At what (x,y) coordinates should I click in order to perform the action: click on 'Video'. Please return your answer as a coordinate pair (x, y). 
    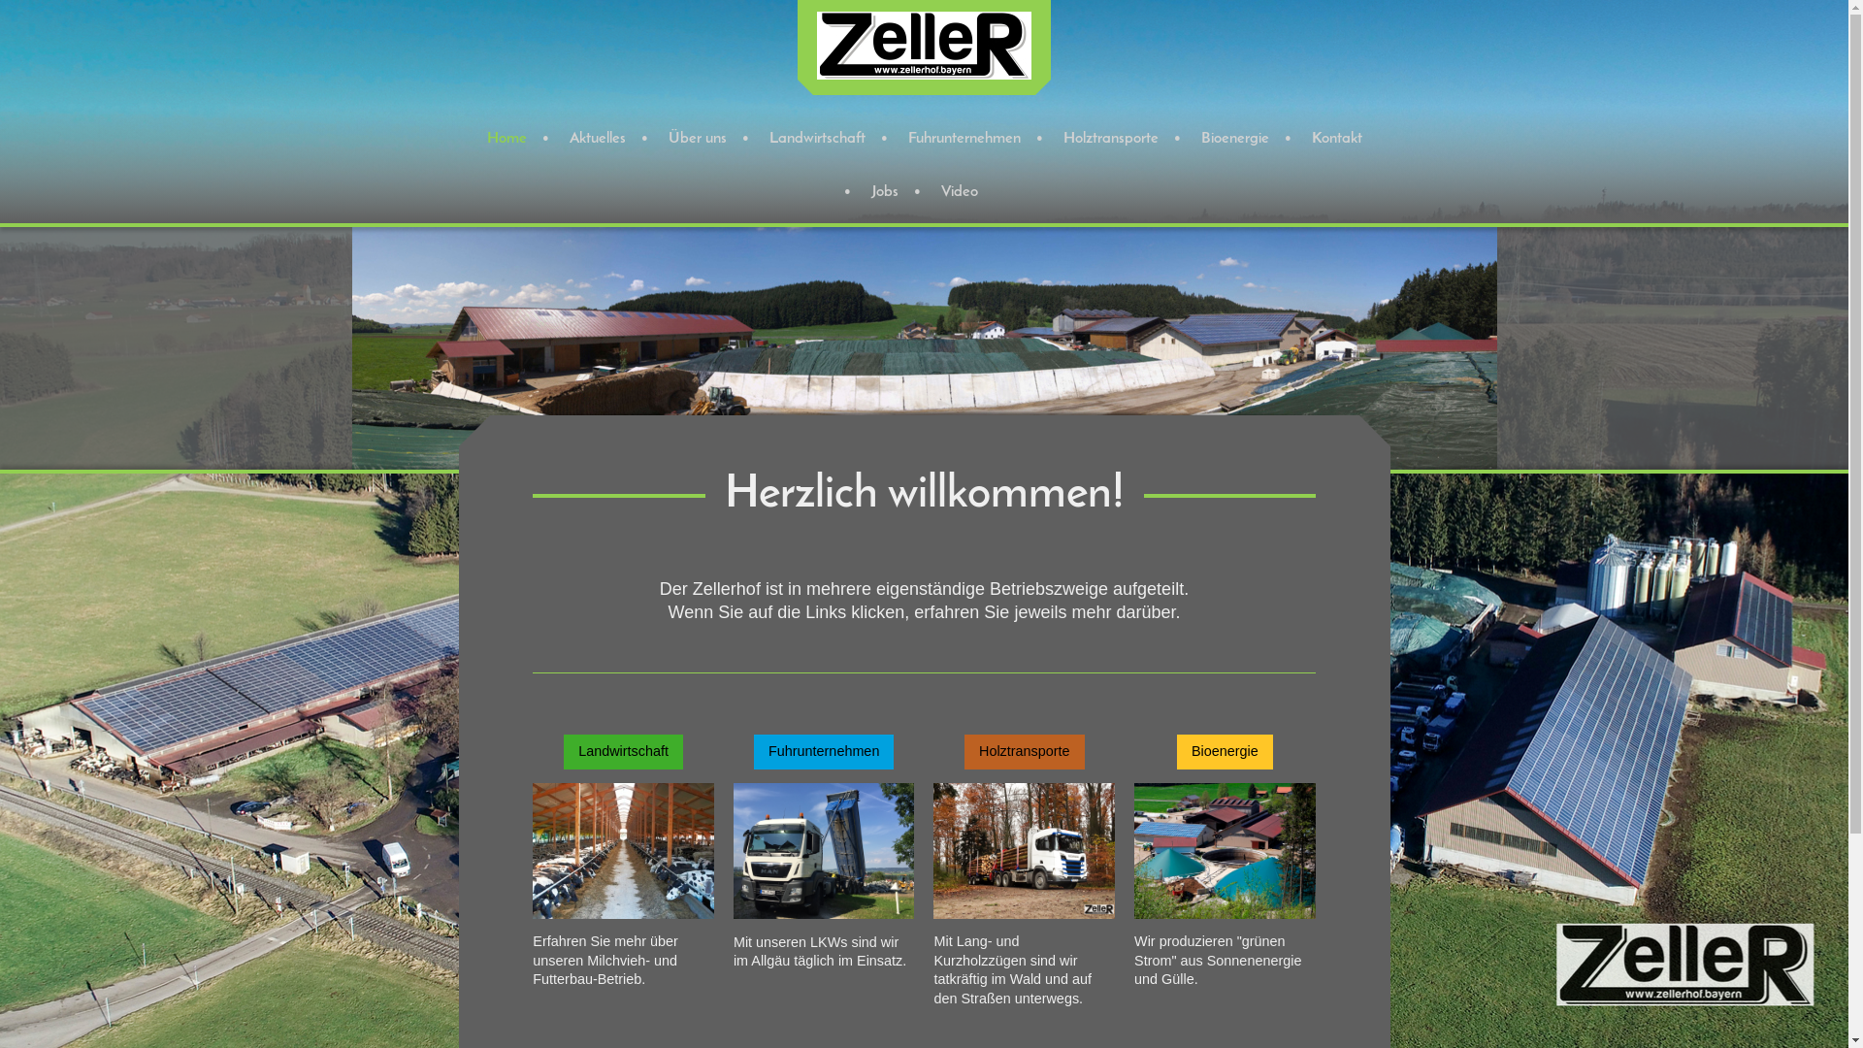
    Looking at the image, I should click on (959, 192).